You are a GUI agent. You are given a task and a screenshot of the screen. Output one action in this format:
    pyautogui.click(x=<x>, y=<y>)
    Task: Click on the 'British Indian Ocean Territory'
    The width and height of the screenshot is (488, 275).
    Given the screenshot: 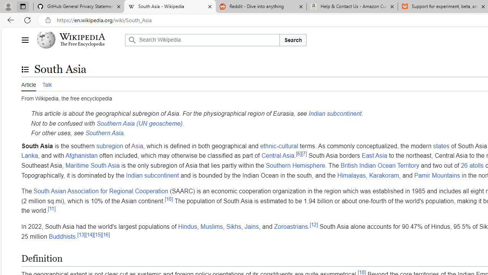 What is the action you would take?
    pyautogui.click(x=380, y=165)
    